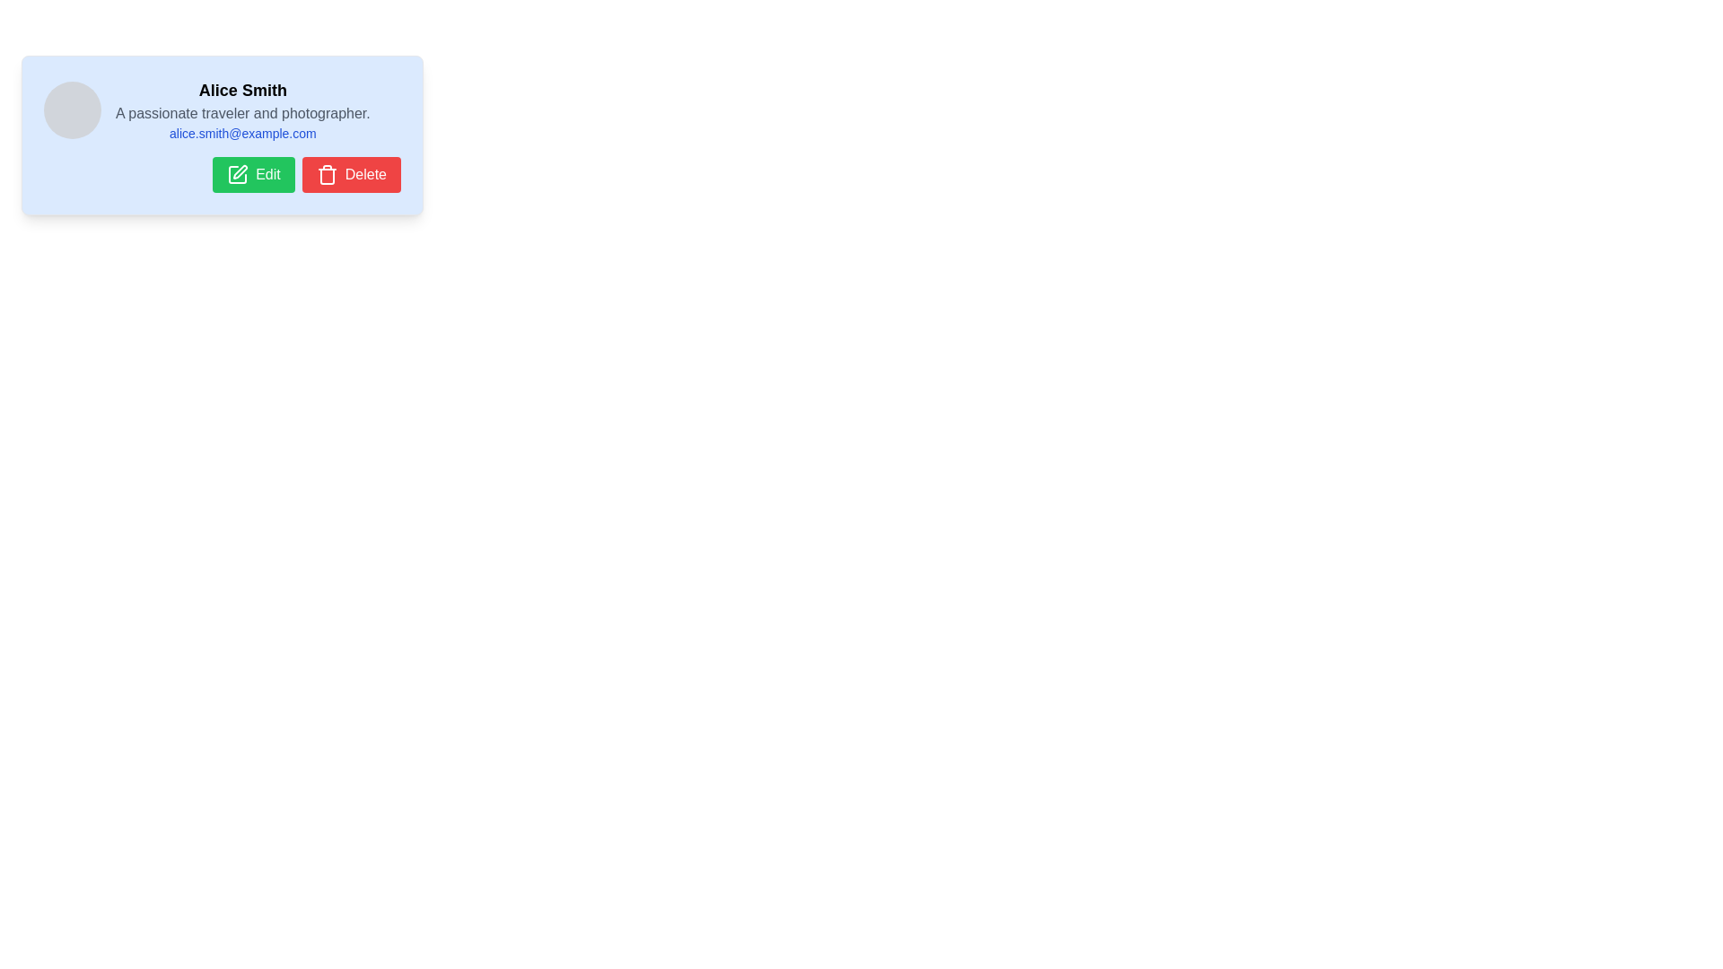  I want to click on the green edit action icon located centrally within the green rectangular button labeled 'Edit', so click(237, 175).